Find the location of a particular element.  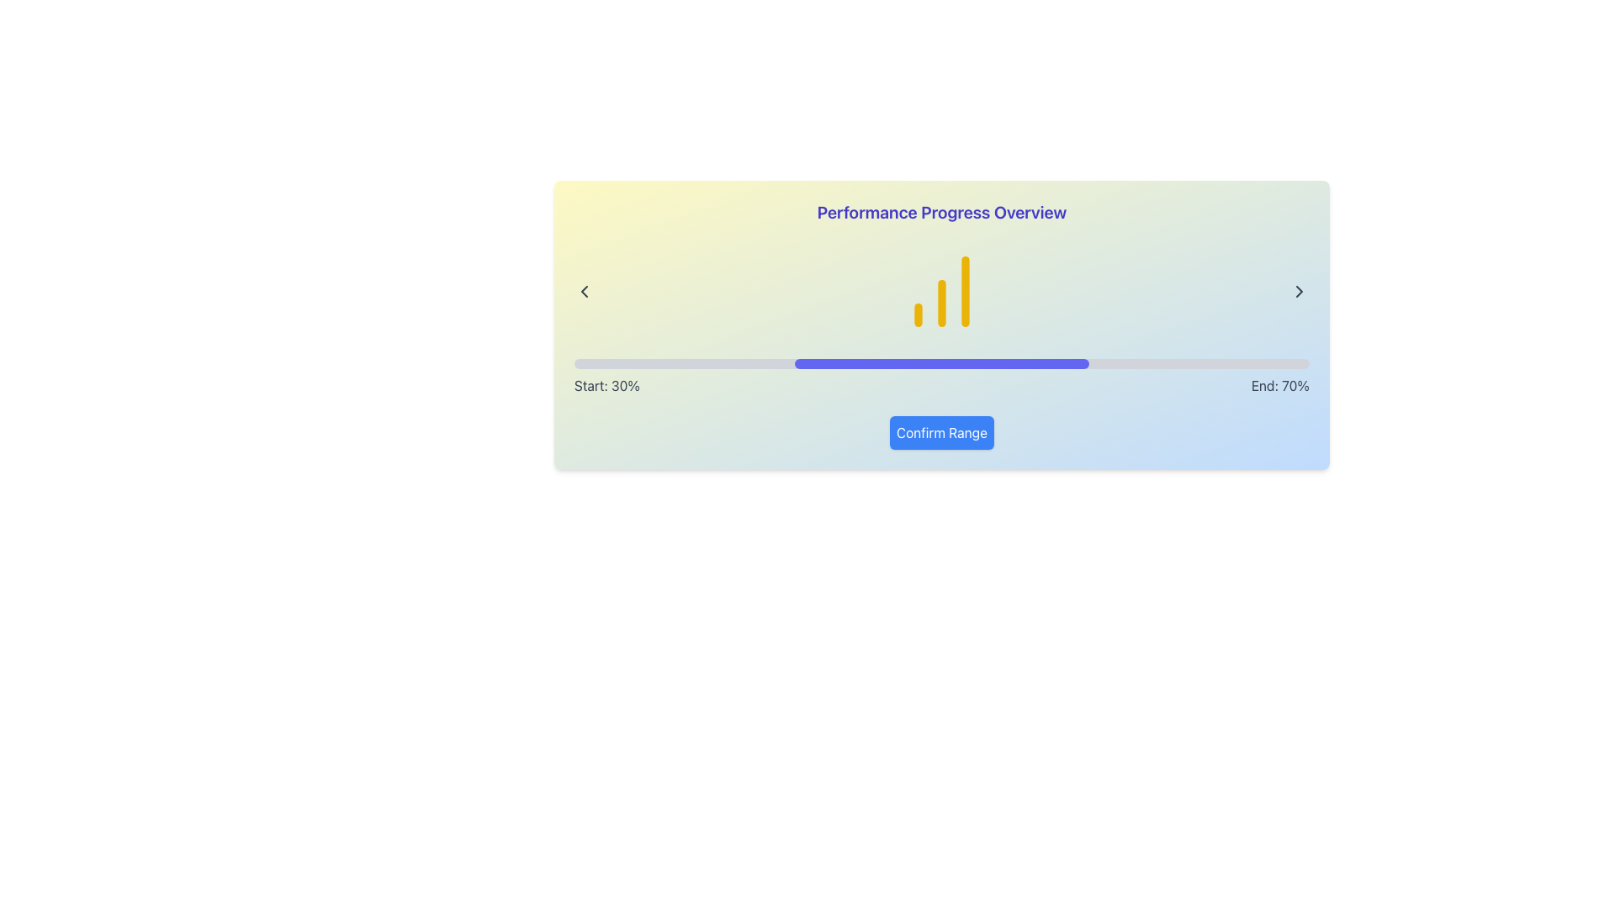

the Progress bar that visually represents the percentage progress, located below the heading 'Performance Progress Overview' and above the button 'Confirm Range' is located at coordinates (940, 362).